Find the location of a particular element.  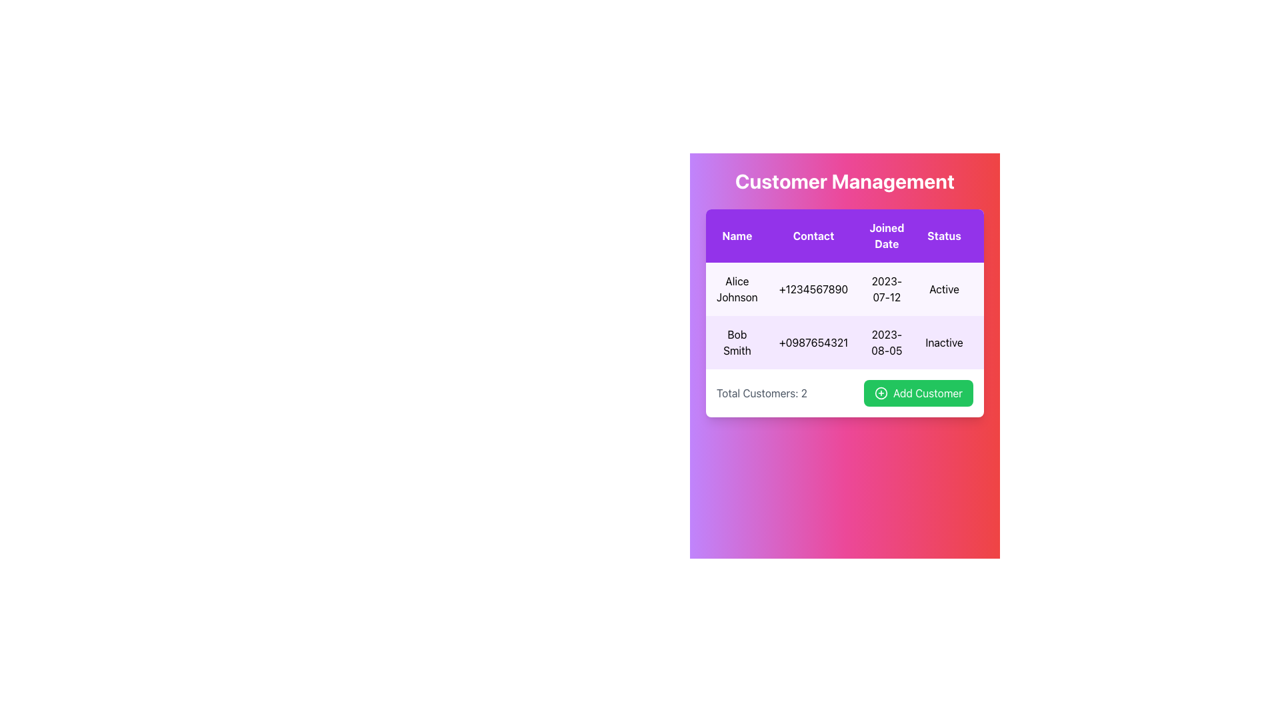

the second row of the customer management table, which displays the information of a customer following Alice Johnson is located at coordinates (887, 341).